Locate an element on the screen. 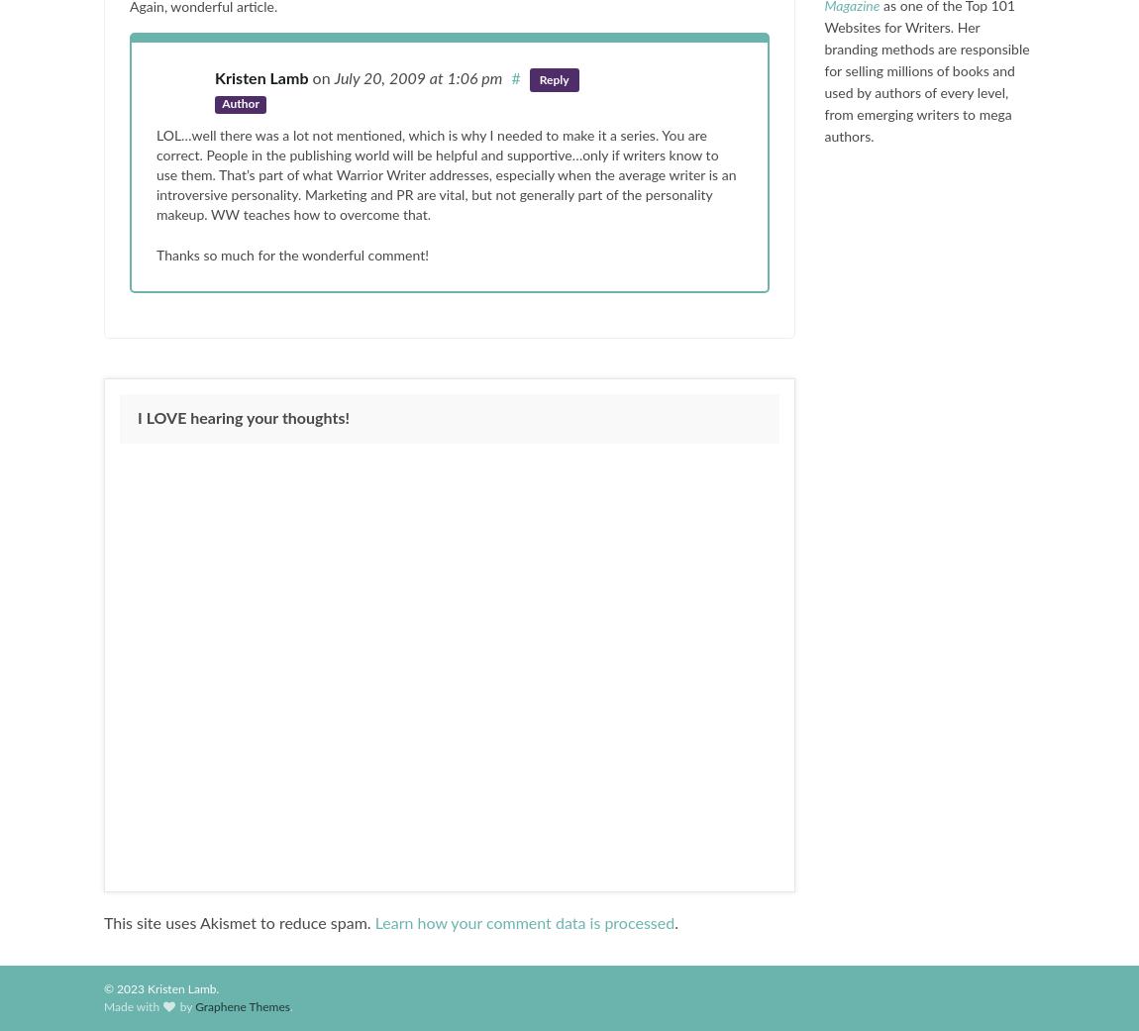 This screenshot has height=1031, width=1139. 'at 1:06 pm' is located at coordinates (428, 77).